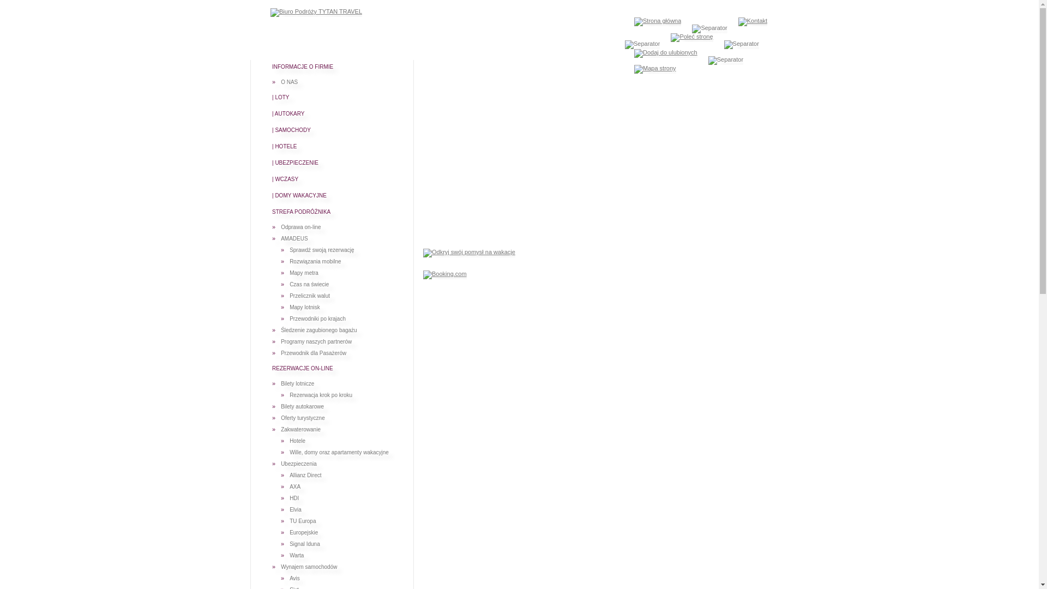  I want to click on 'Bilety lotnicze', so click(297, 383).